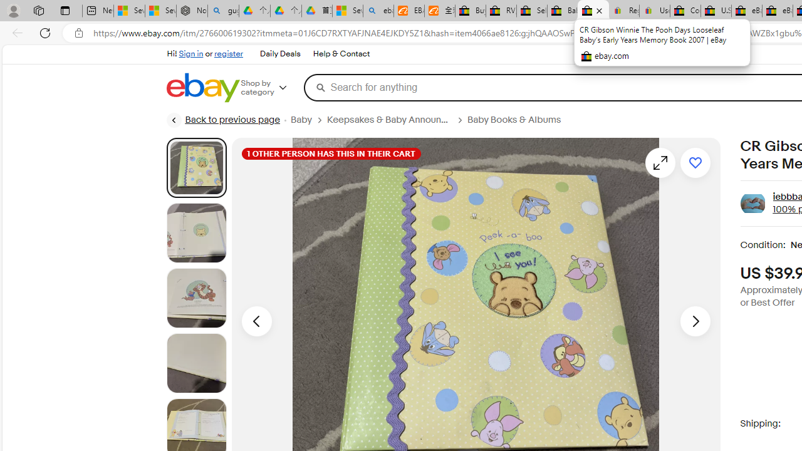 Image resolution: width=802 pixels, height=451 pixels. What do you see at coordinates (222, 120) in the screenshot?
I see `'Back to previous page'` at bounding box center [222, 120].